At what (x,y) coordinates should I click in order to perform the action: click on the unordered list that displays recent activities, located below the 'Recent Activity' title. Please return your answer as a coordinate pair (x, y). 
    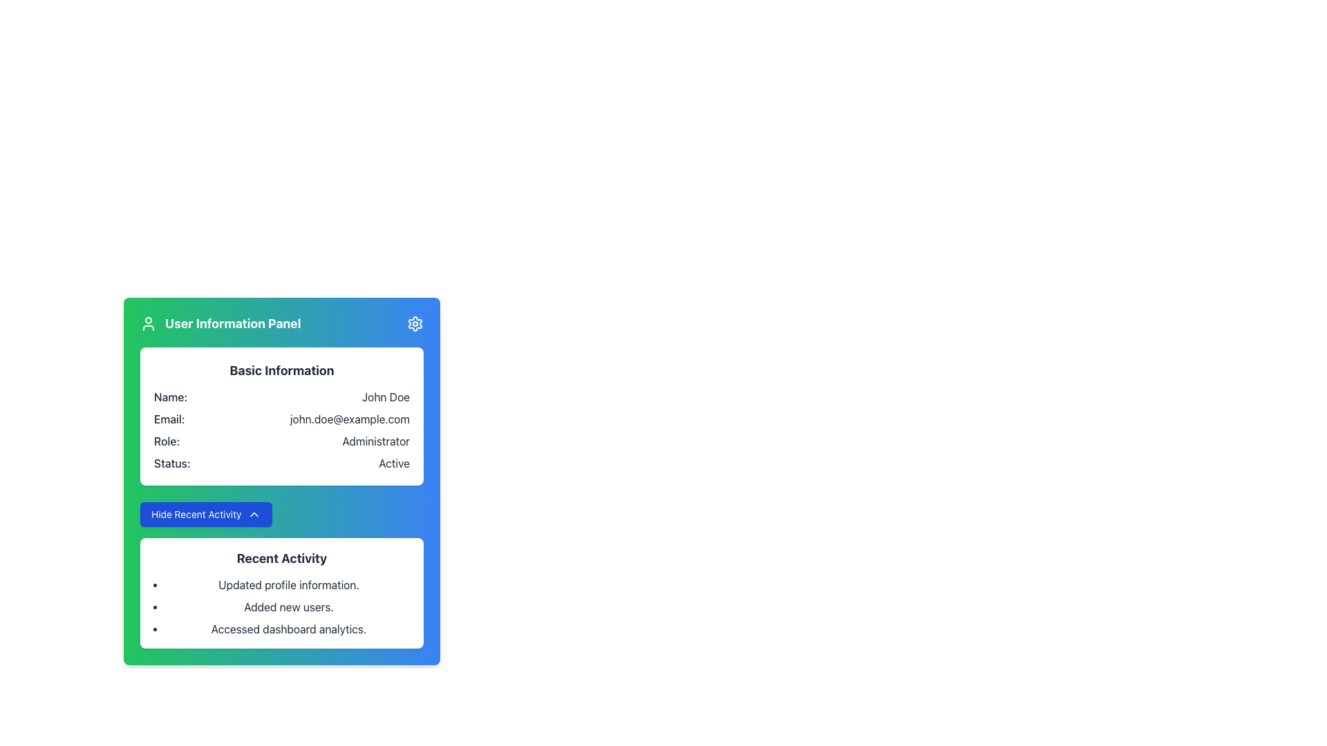
    Looking at the image, I should click on (281, 606).